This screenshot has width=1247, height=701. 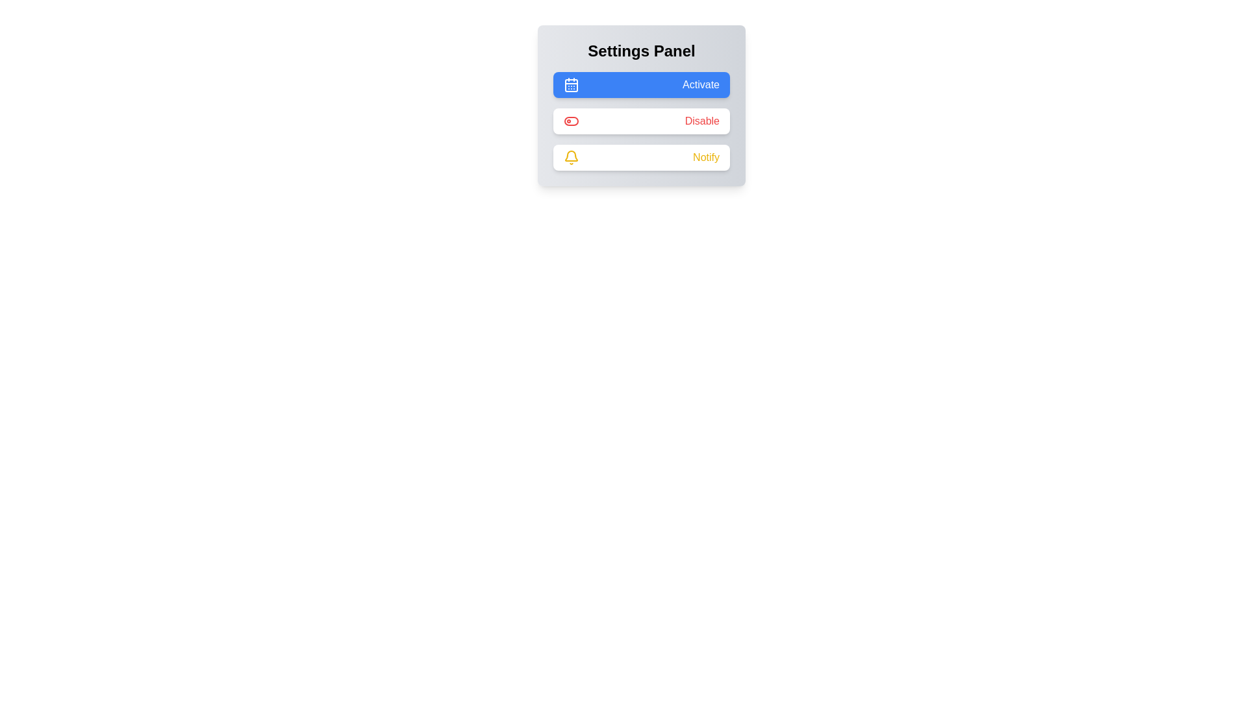 What do you see at coordinates (571, 157) in the screenshot?
I see `the 'Notify' icon located on the left side of the 'Notify' button in the 'Settings Panel', which has a white background and yellow text` at bounding box center [571, 157].